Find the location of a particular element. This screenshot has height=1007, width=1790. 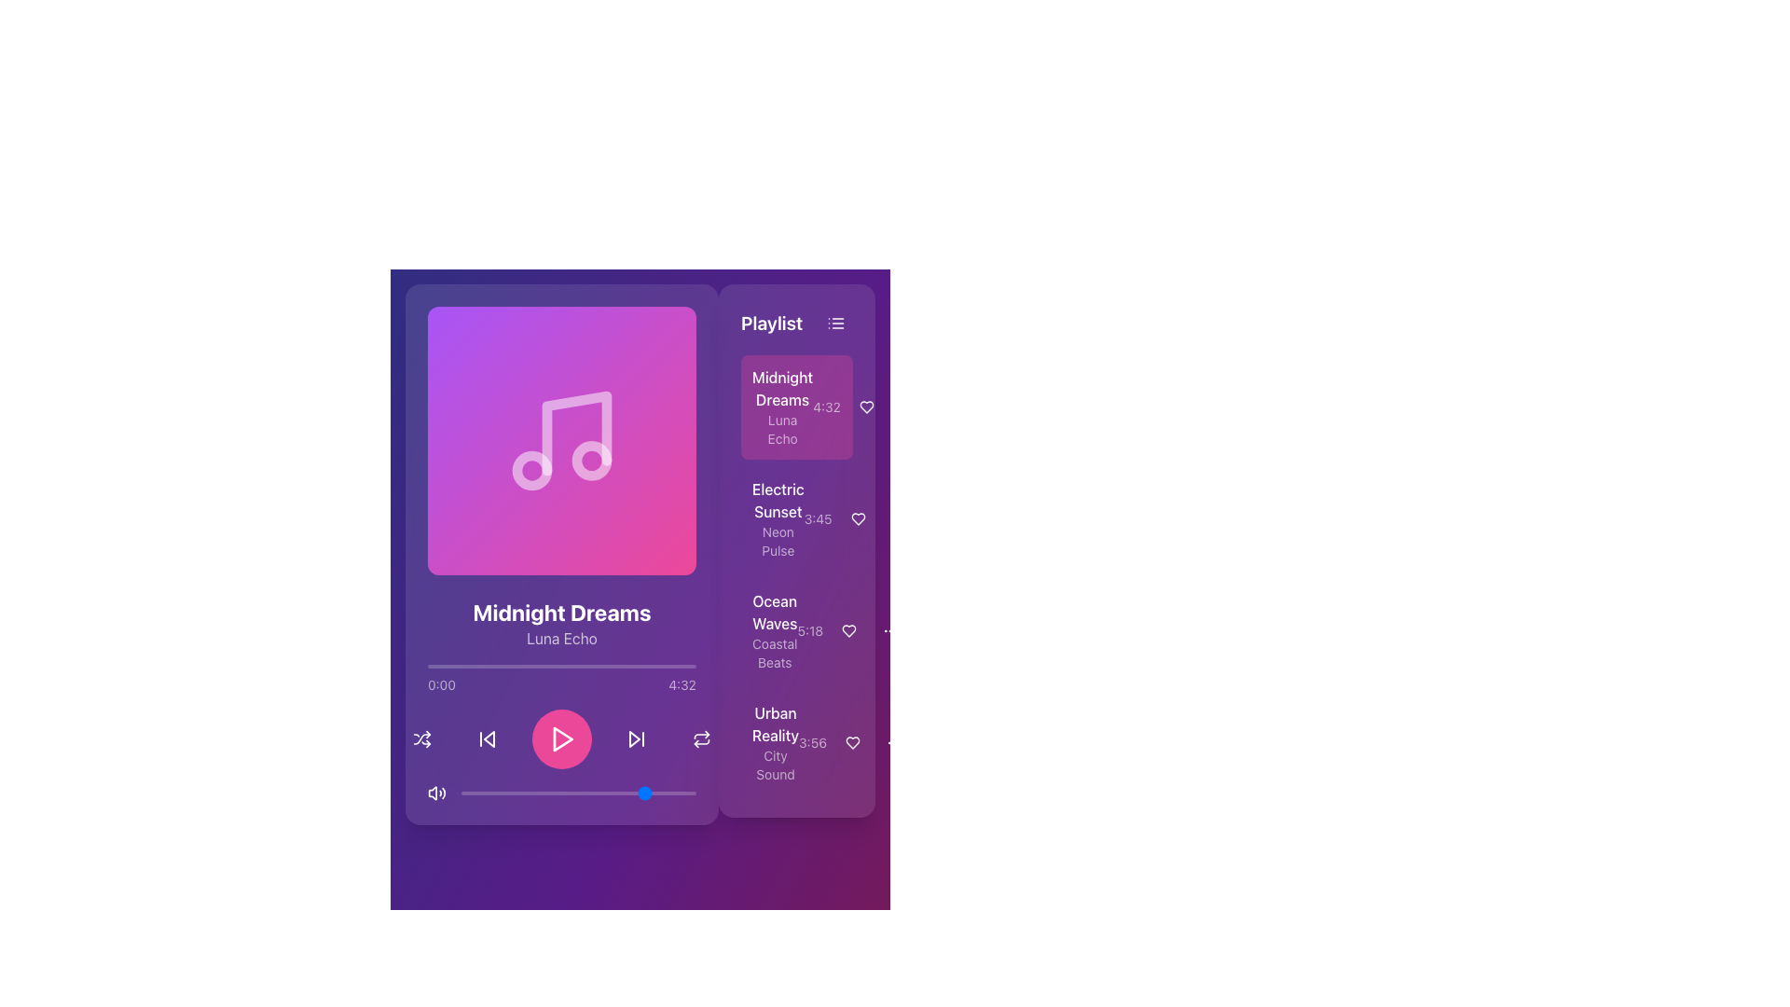

the static text element displaying 'Midnight Dreams' which is styled in bold, white font against a purple background, positioned centrally at the top of the playlist entry is located at coordinates (782, 387).